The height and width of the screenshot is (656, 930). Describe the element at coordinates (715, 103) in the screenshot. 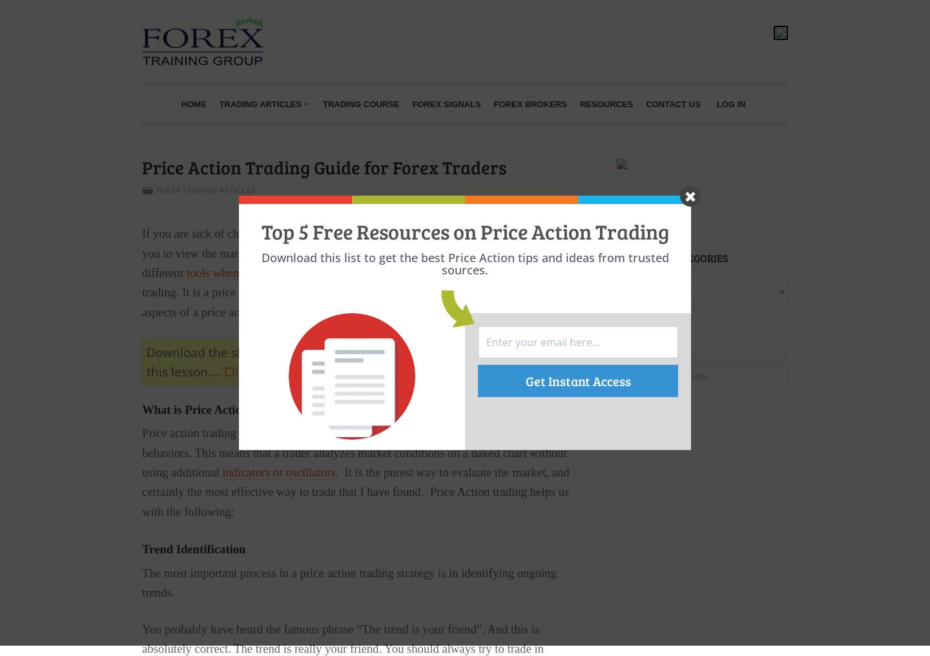

I see `'Log In'` at that location.